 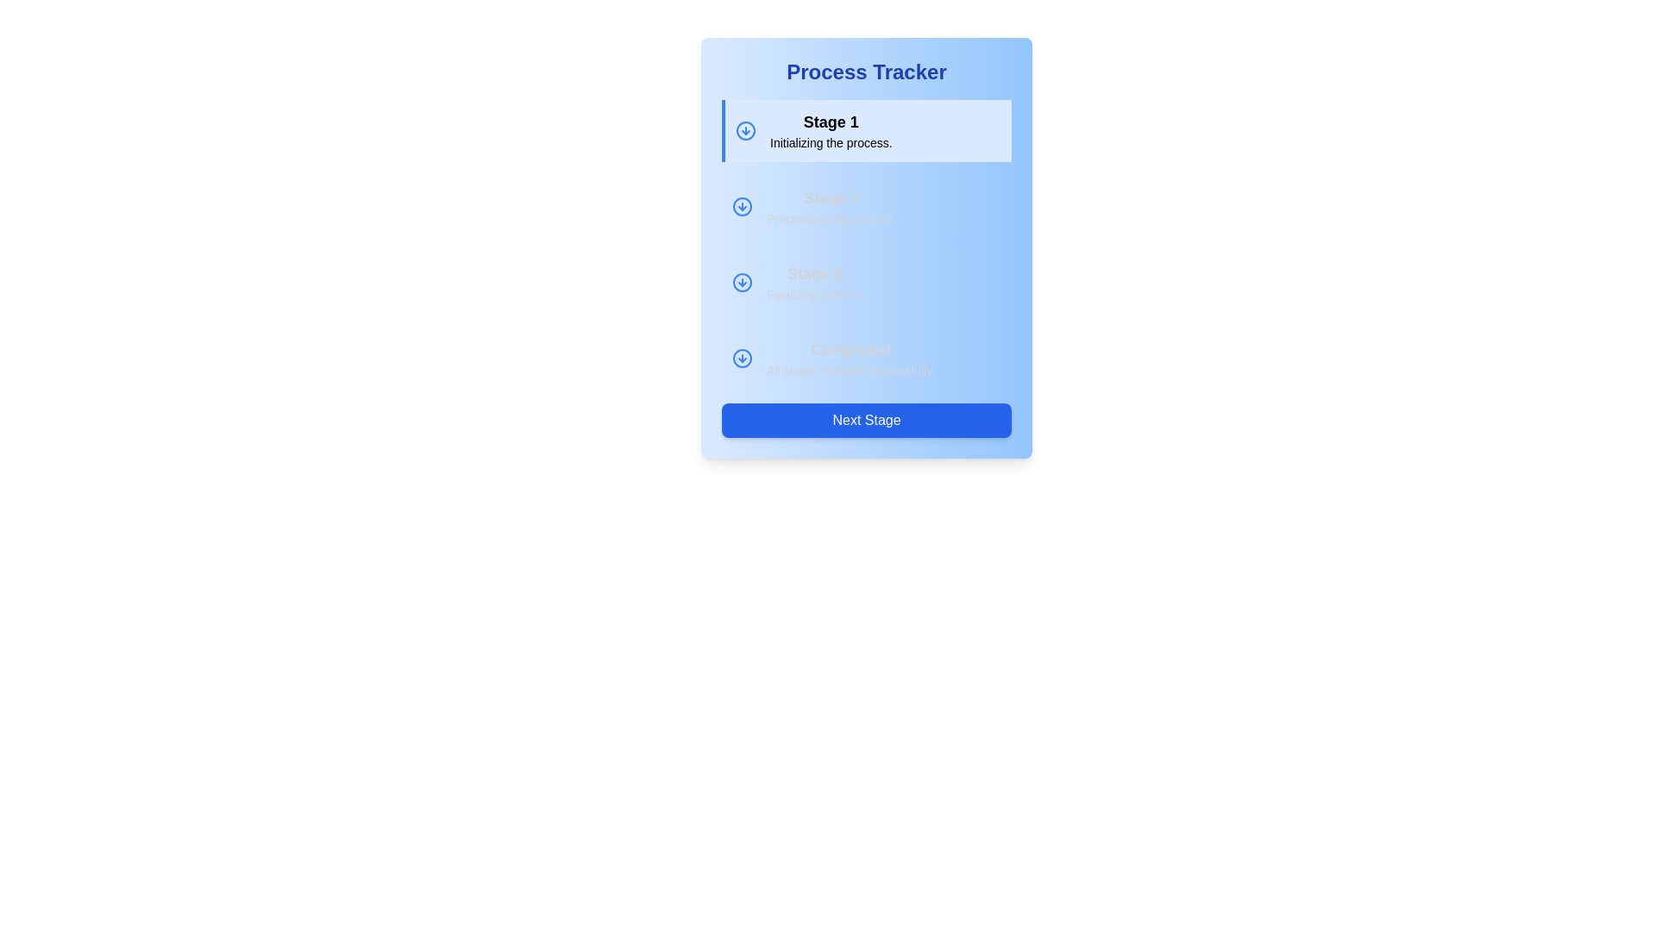 What do you see at coordinates (742, 358) in the screenshot?
I see `the completion status icon located to the left of the 'Completed' text, which indicates all stages are finished` at bounding box center [742, 358].